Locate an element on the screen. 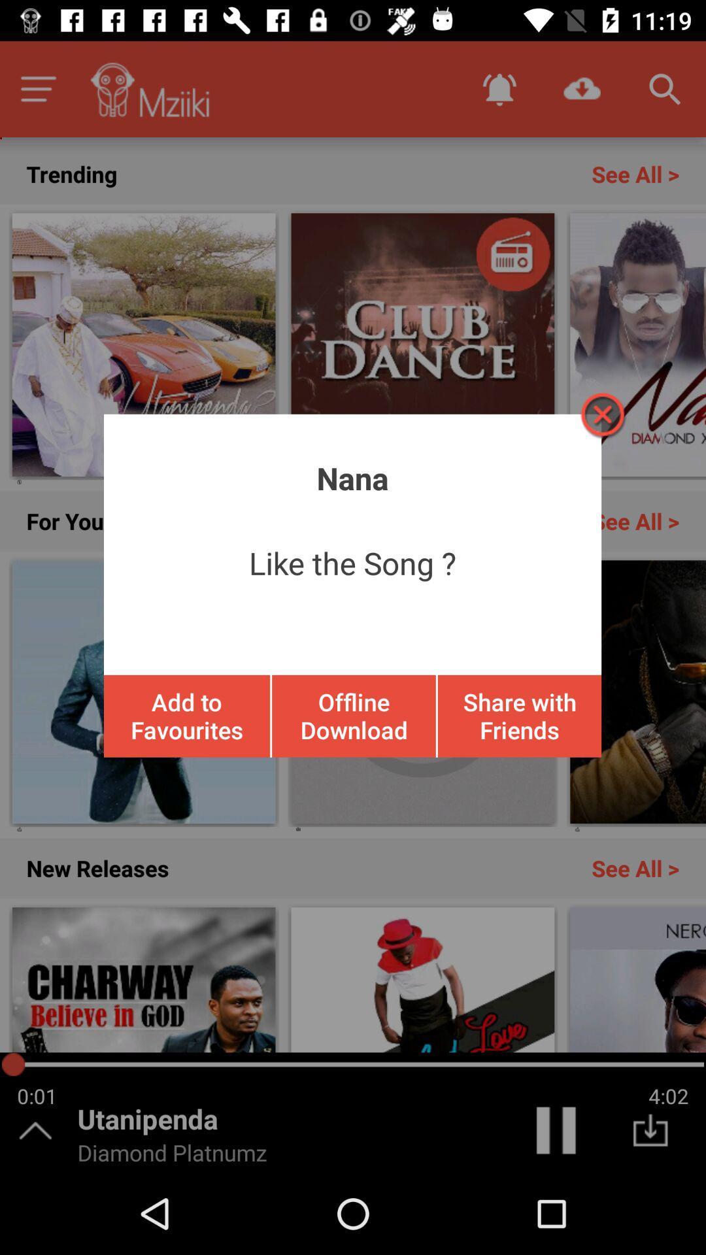 Image resolution: width=706 pixels, height=1255 pixels. app below like the song ? icon is located at coordinates (518, 715).